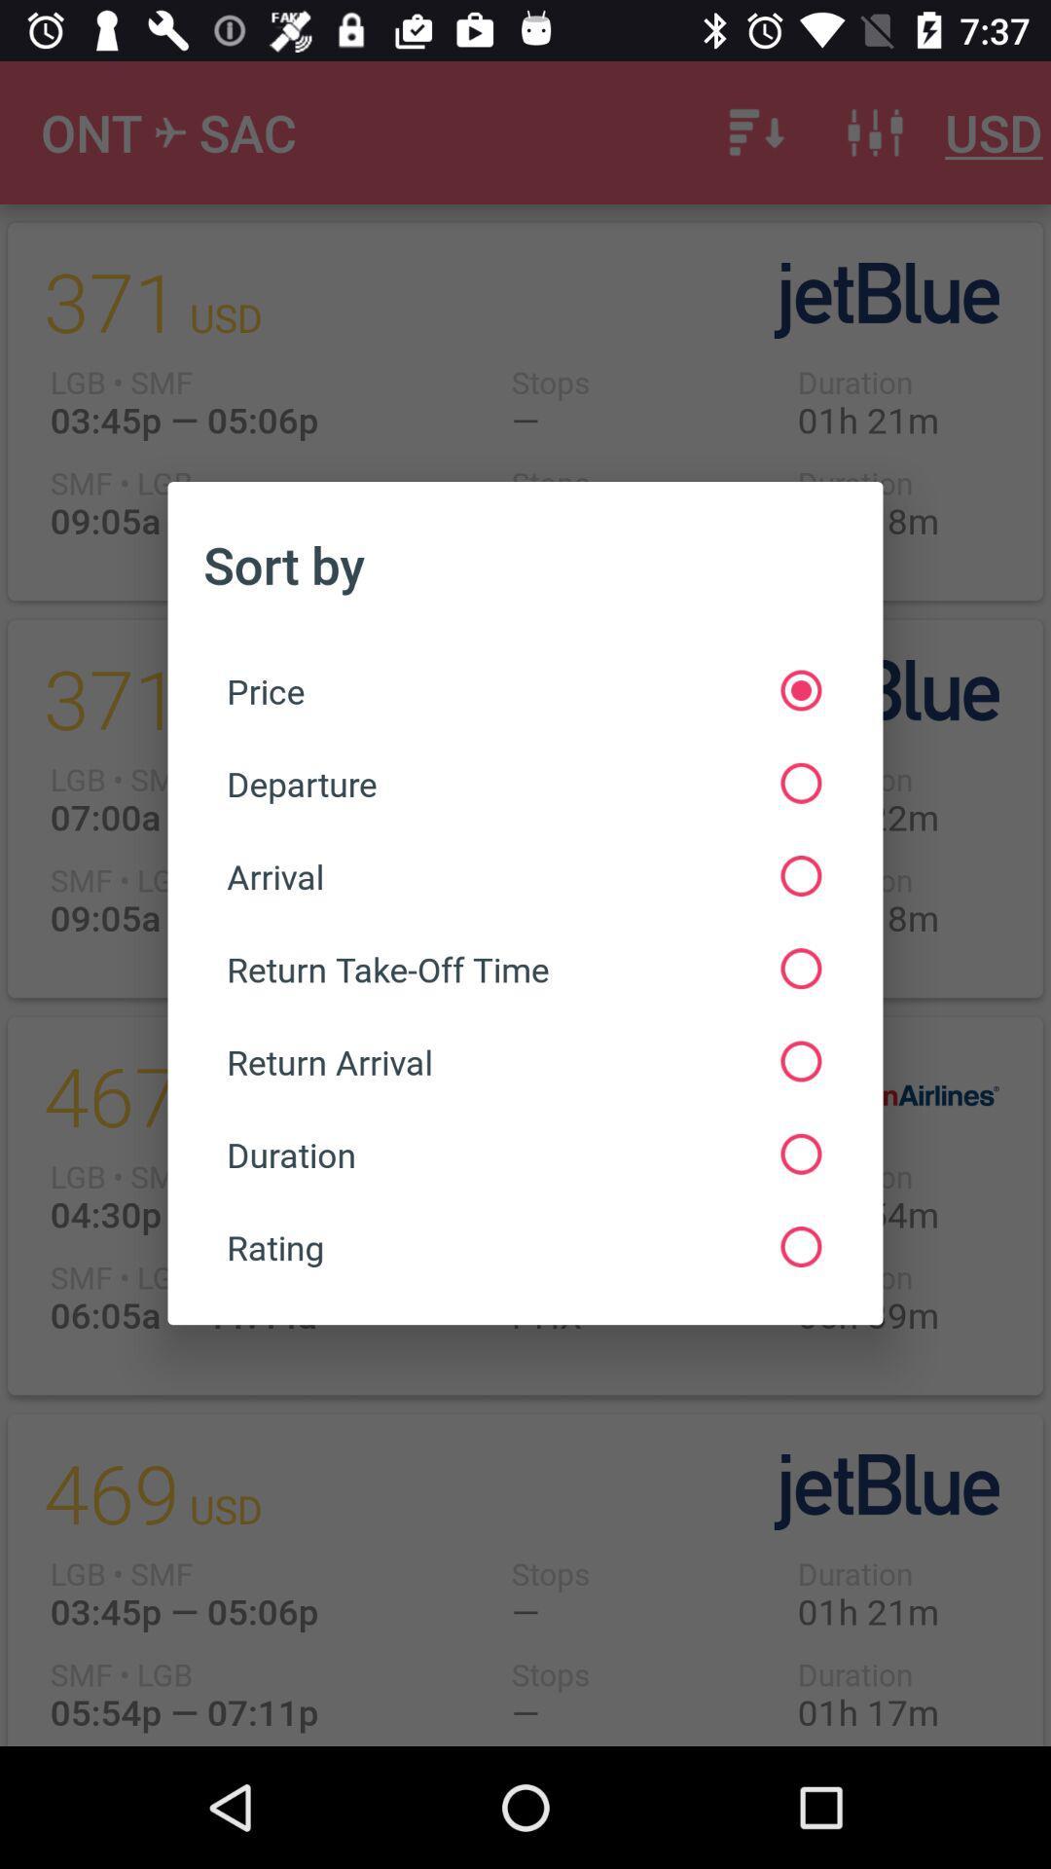  Describe the element at coordinates (523, 969) in the screenshot. I see `the icon above return arrival icon` at that location.